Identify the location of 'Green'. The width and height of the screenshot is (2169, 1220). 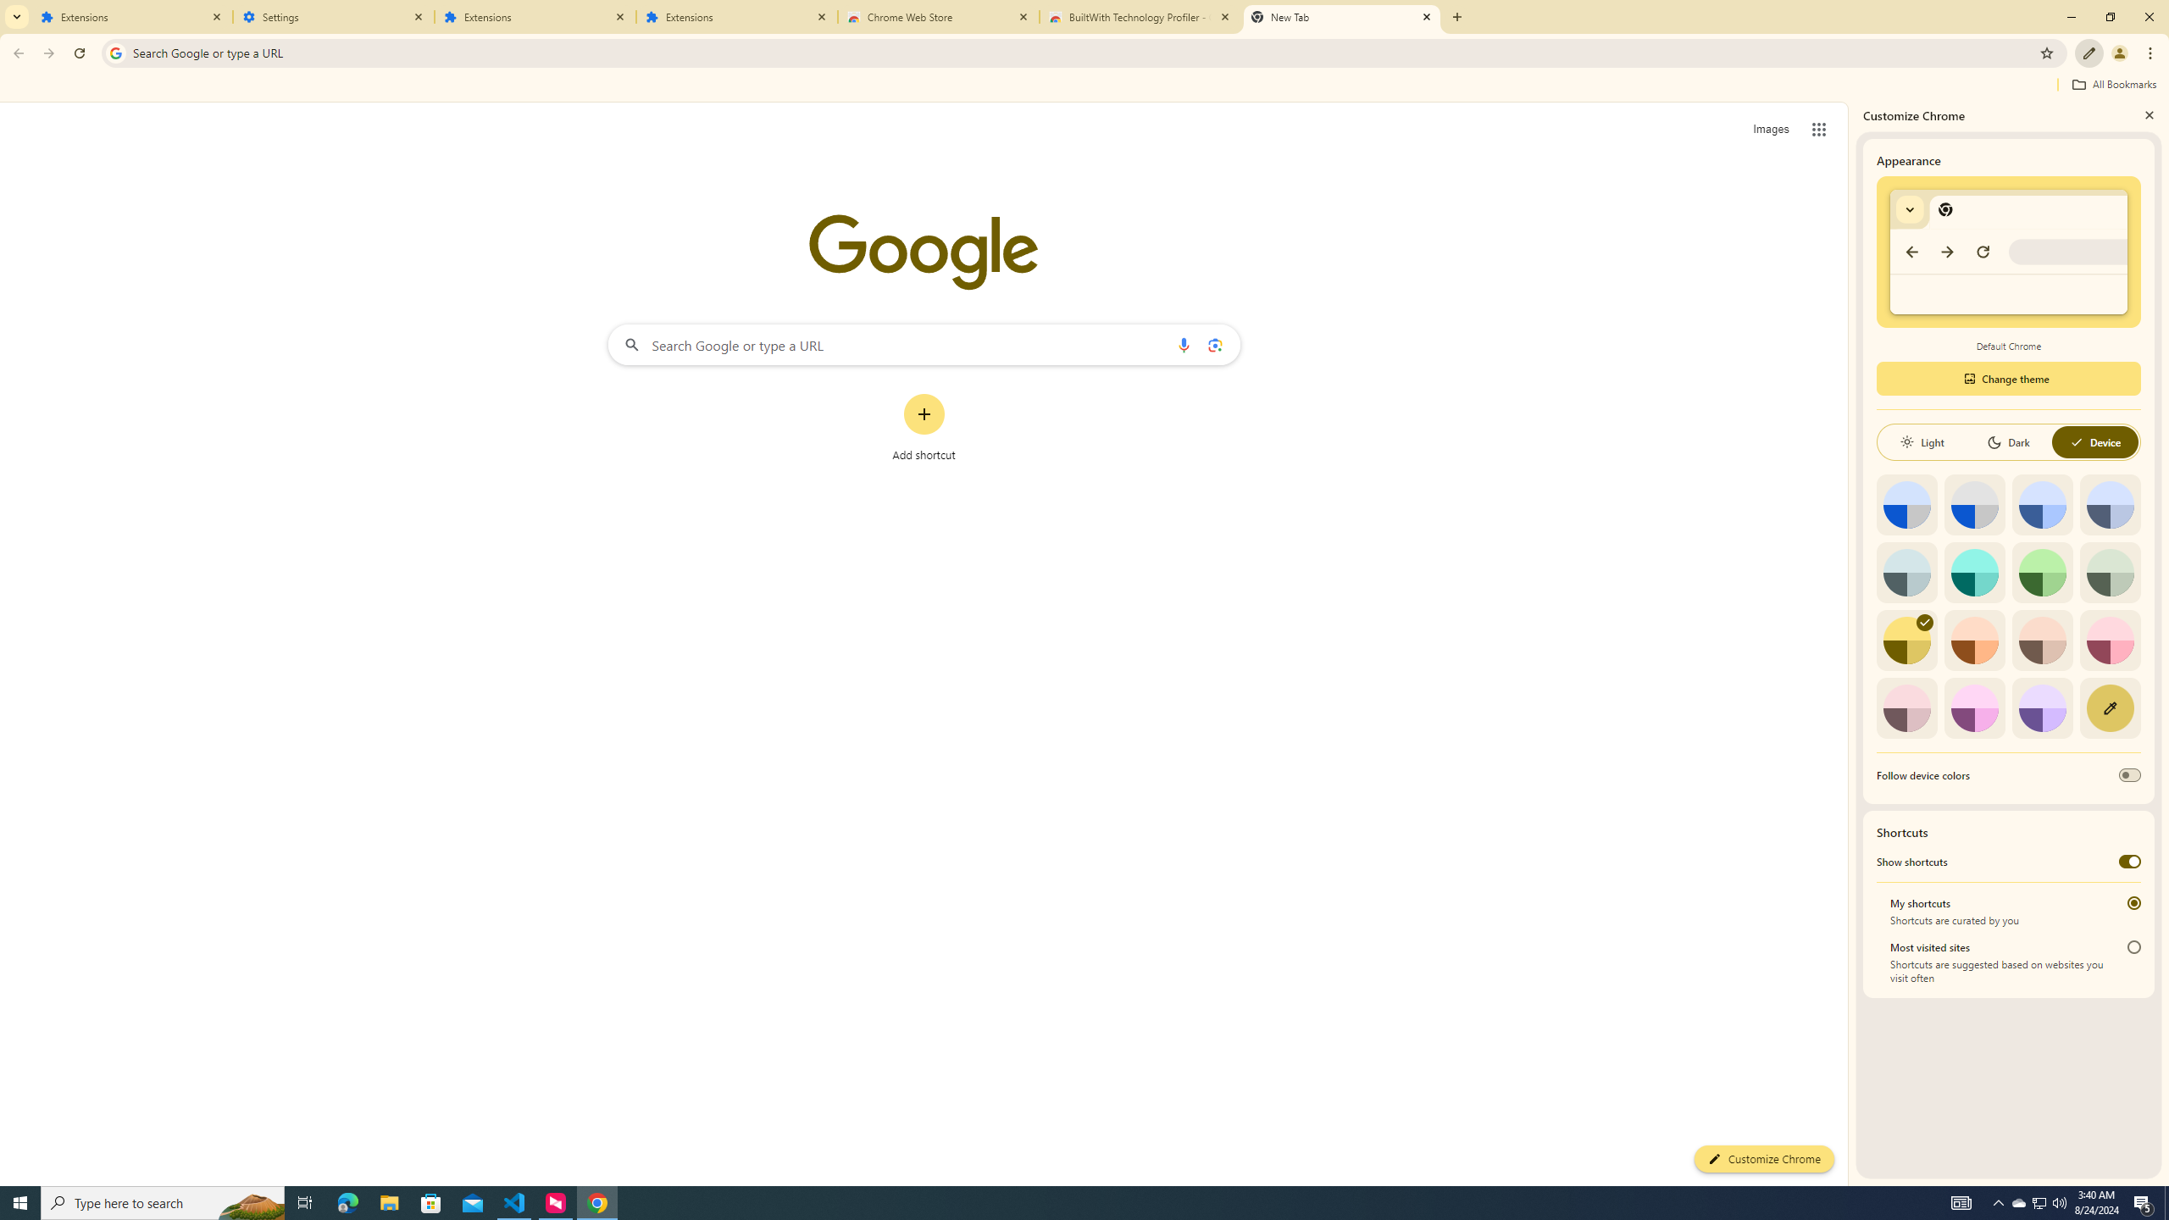
(2042, 571).